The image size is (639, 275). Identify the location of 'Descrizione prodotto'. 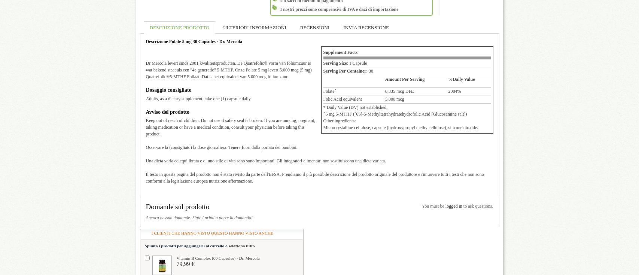
(179, 27).